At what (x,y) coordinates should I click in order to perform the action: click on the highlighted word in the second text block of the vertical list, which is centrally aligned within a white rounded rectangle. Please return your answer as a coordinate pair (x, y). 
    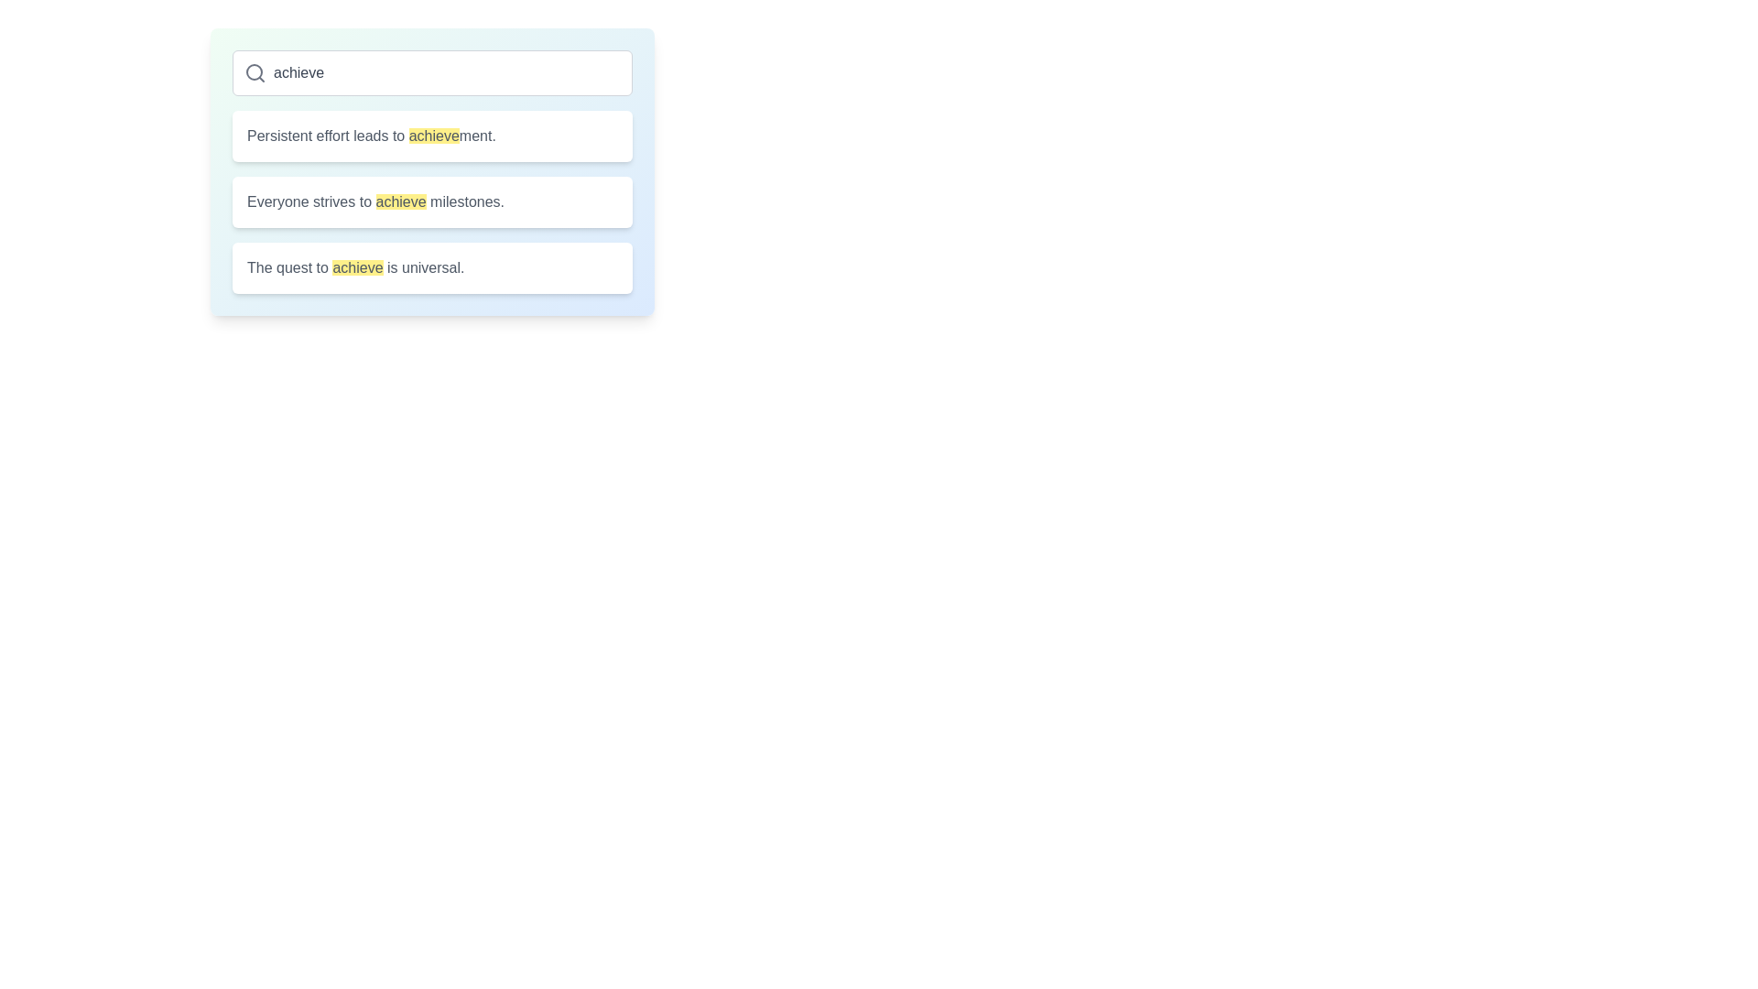
    Looking at the image, I should click on (374, 201).